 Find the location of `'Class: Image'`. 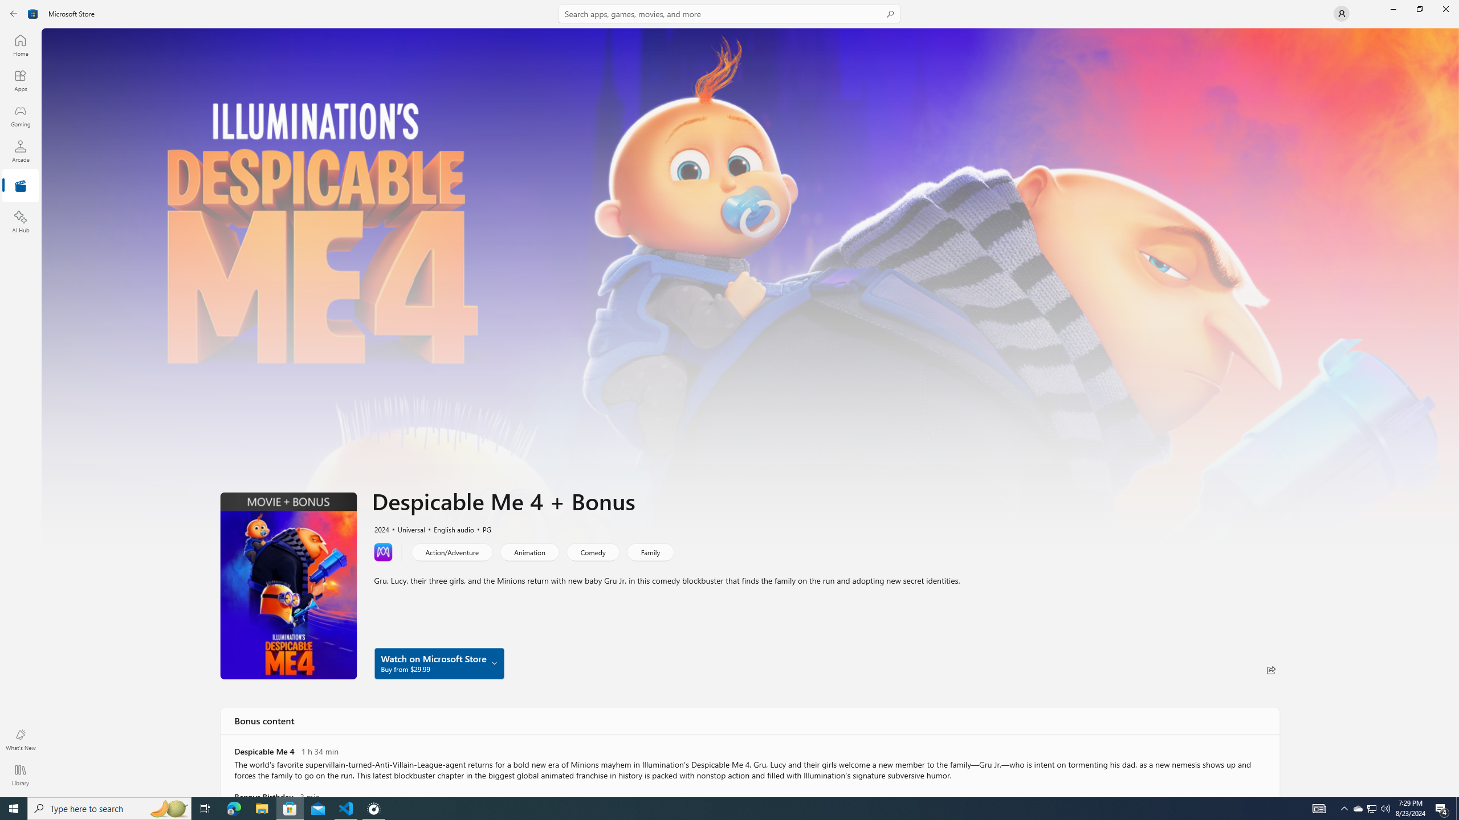

'Class: Image' is located at coordinates (32, 13).